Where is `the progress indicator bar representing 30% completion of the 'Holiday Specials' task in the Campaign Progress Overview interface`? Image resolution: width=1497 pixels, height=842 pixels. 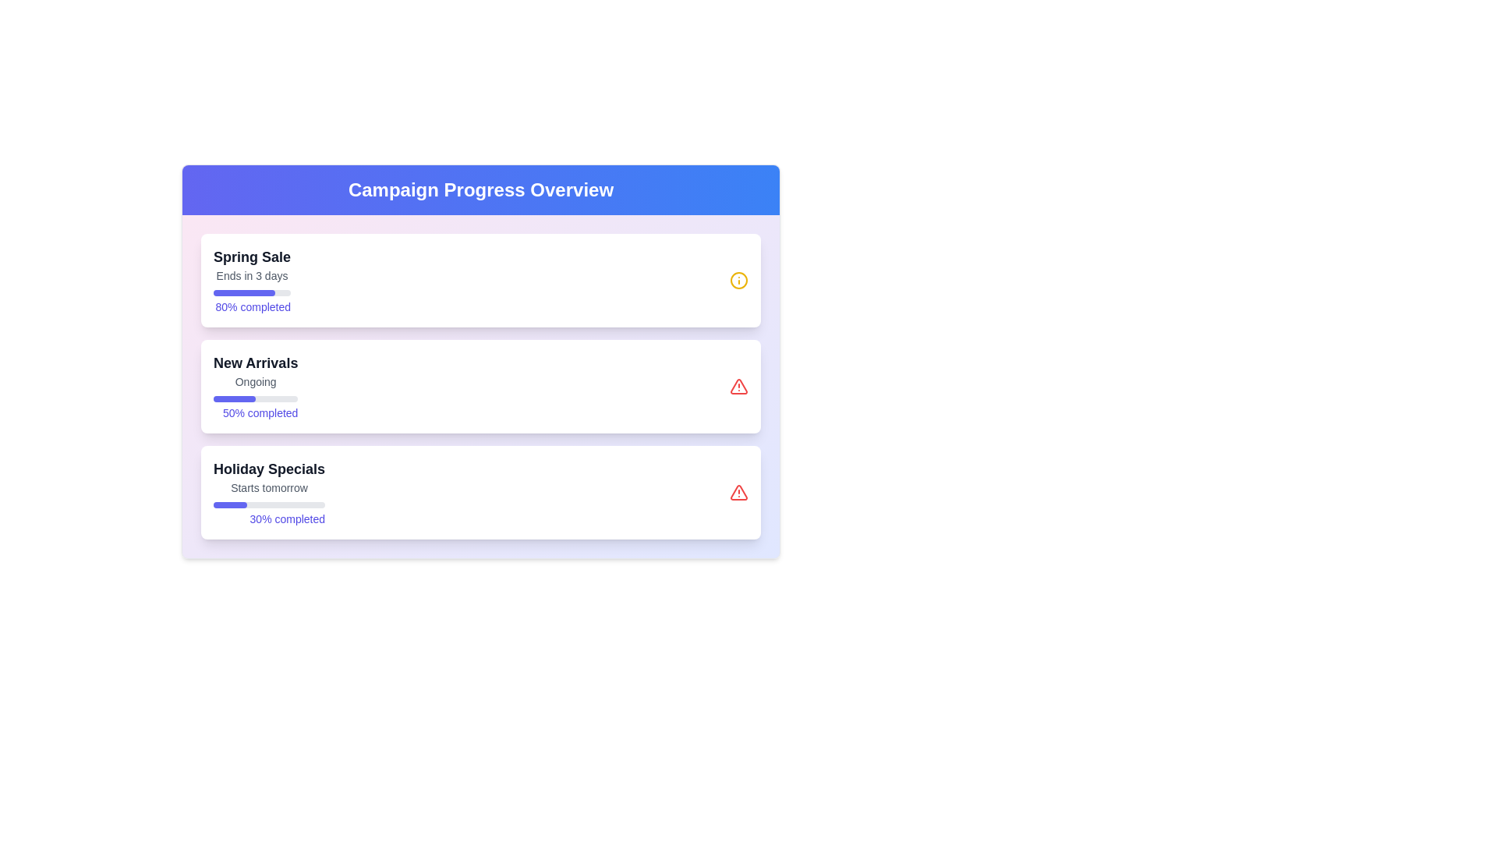
the progress indicator bar representing 30% completion of the 'Holiday Specials' task in the Campaign Progress Overview interface is located at coordinates (229, 505).